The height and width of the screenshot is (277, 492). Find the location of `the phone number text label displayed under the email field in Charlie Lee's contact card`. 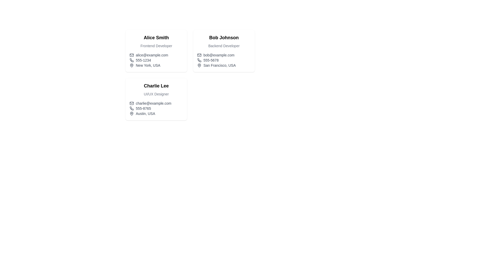

the phone number text label displayed under the email field in Charlie Lee's contact card is located at coordinates (143, 108).